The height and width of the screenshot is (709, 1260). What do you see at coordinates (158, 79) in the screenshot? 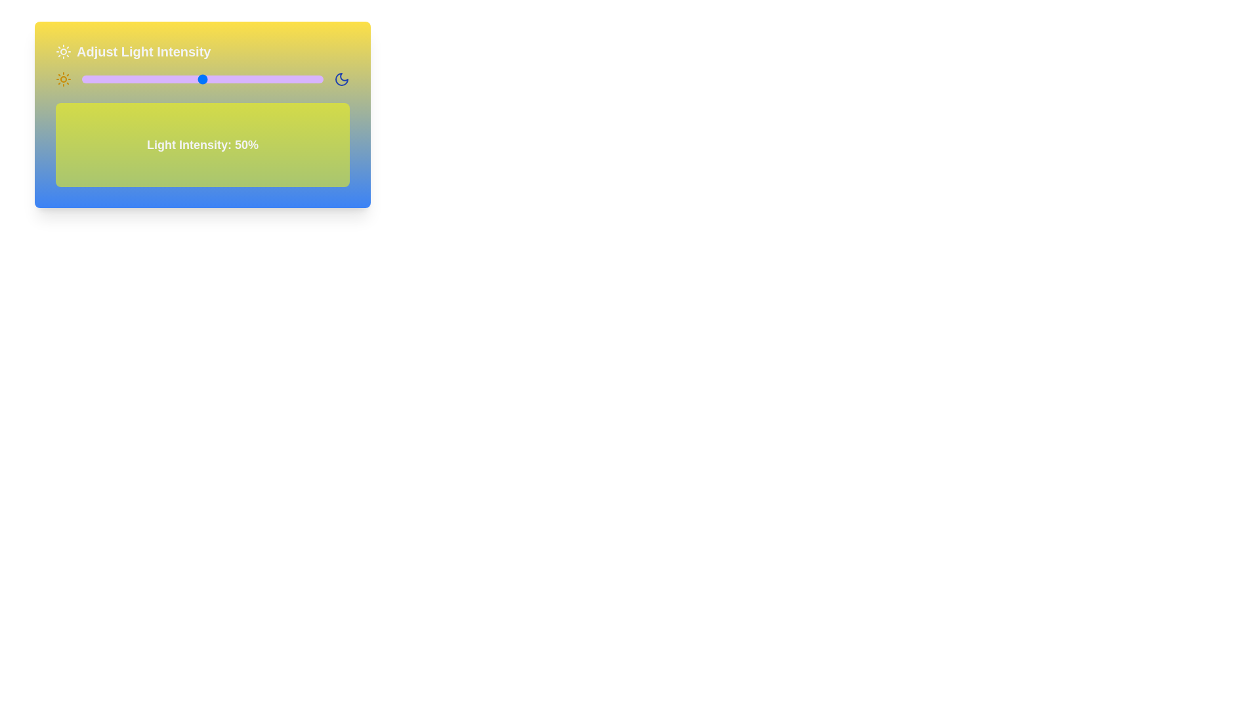
I see `the light intensity slider to 32% to observe the corresponding background changes` at bounding box center [158, 79].